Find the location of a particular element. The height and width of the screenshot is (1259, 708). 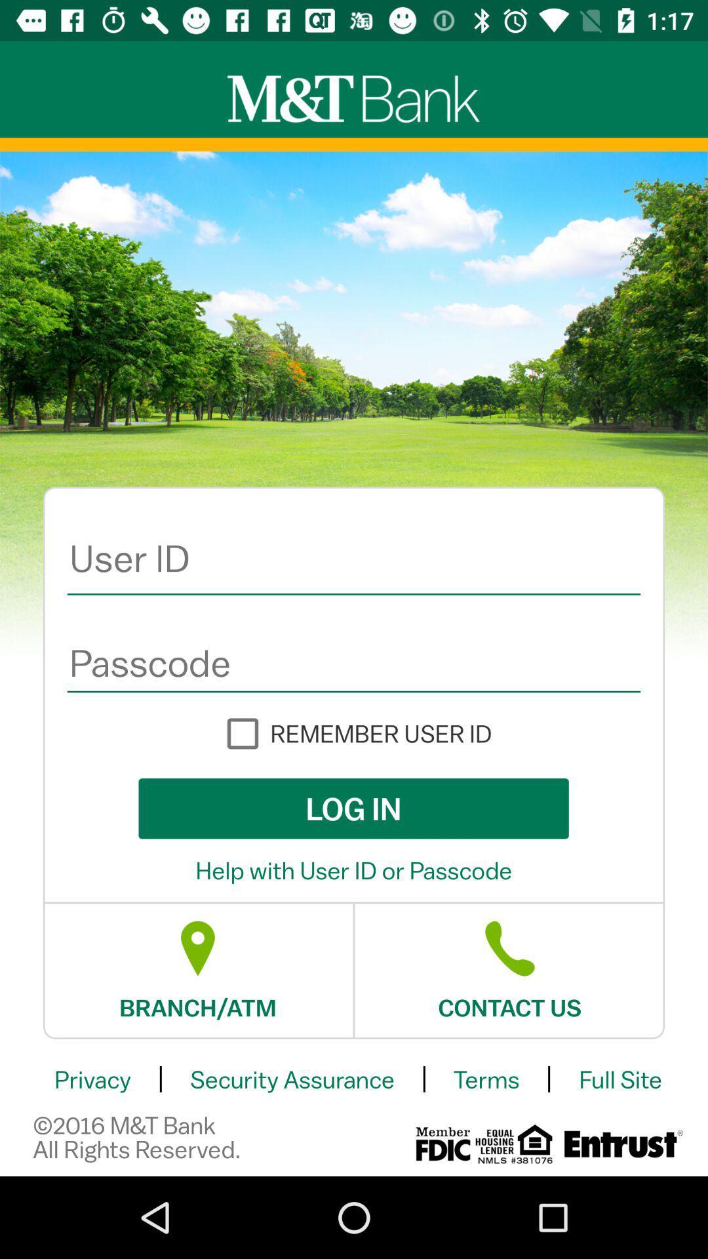

icon below the terms is located at coordinates (621, 1143).